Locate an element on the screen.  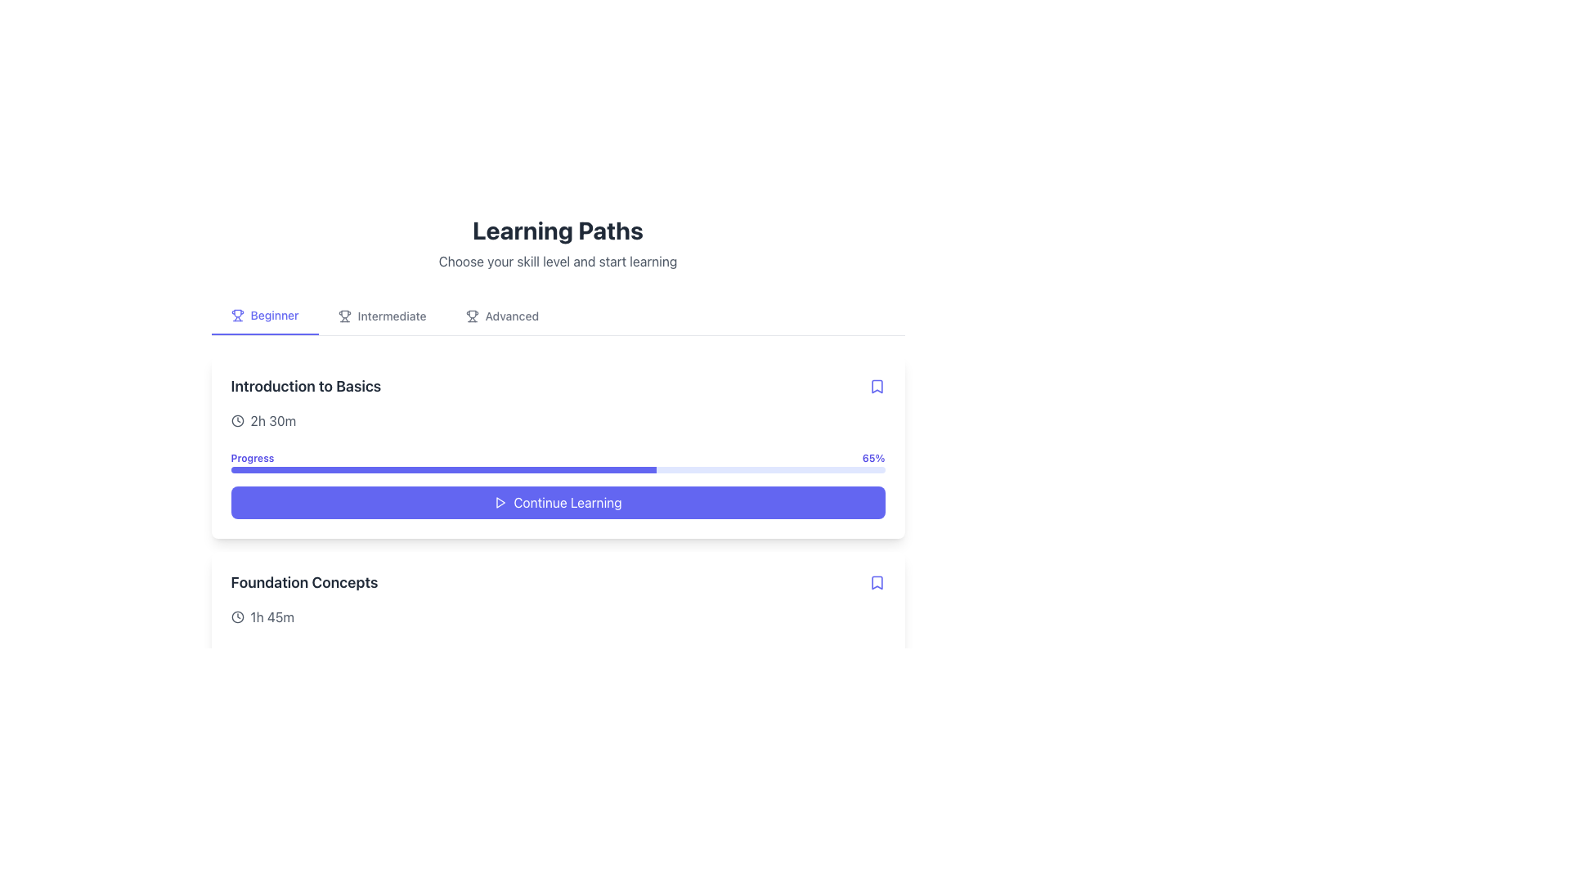
progress bar is located at coordinates (669, 469).